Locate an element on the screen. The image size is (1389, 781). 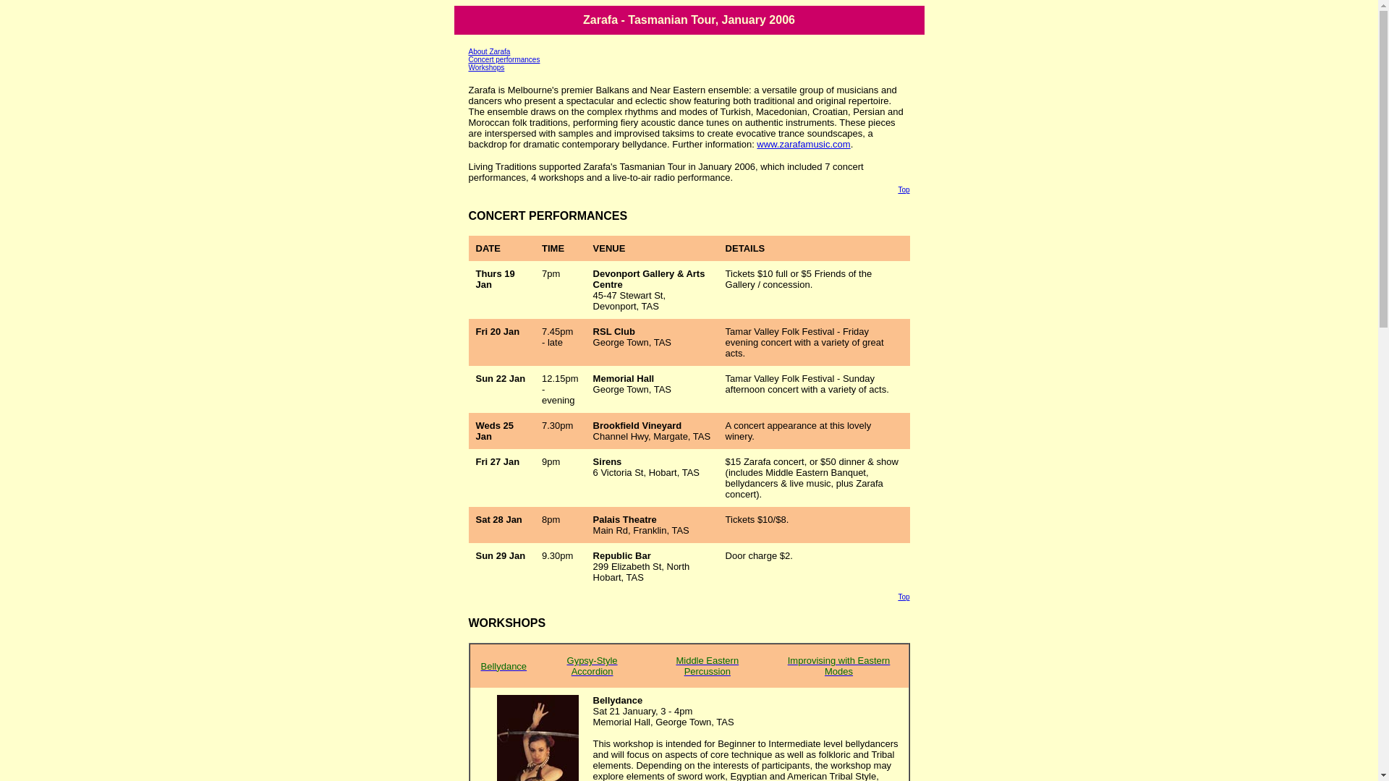
'www.zarafamusic.com' is located at coordinates (802, 144).